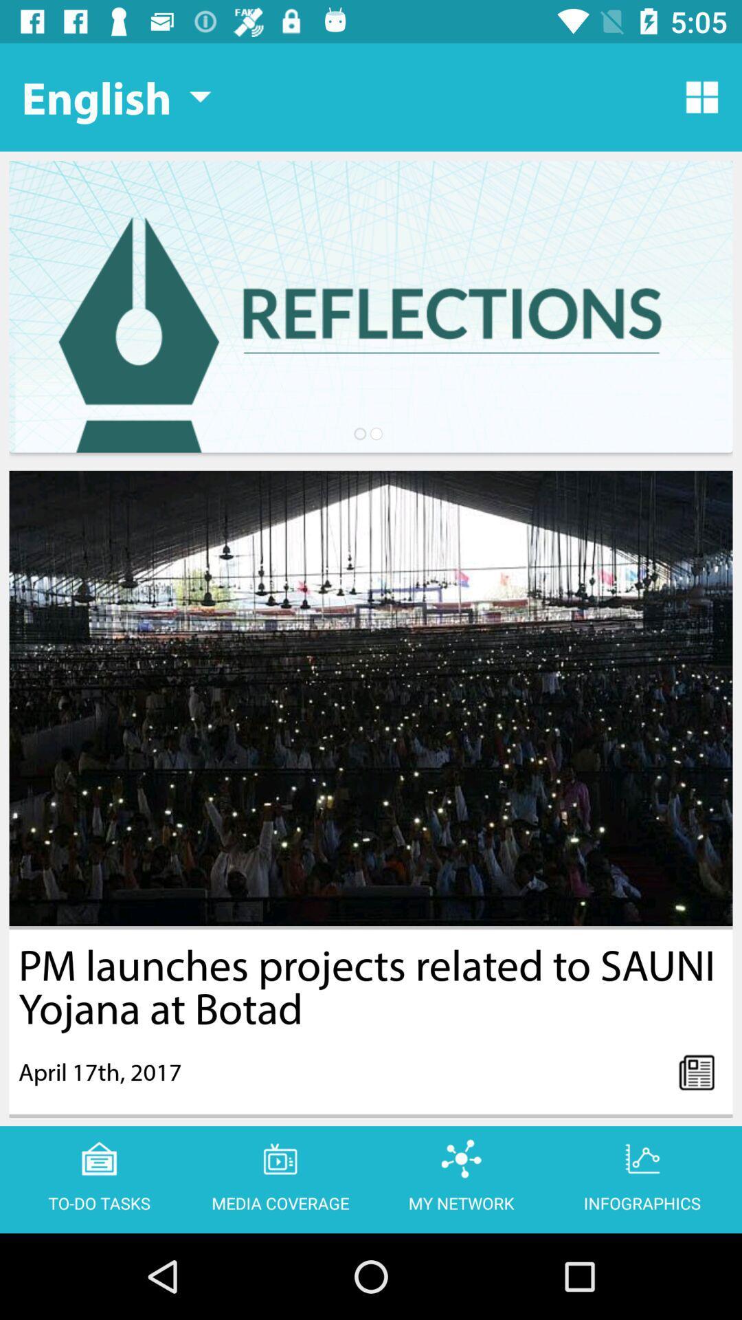 Image resolution: width=742 pixels, height=1320 pixels. Describe the element at coordinates (115, 96) in the screenshot. I see `english item` at that location.